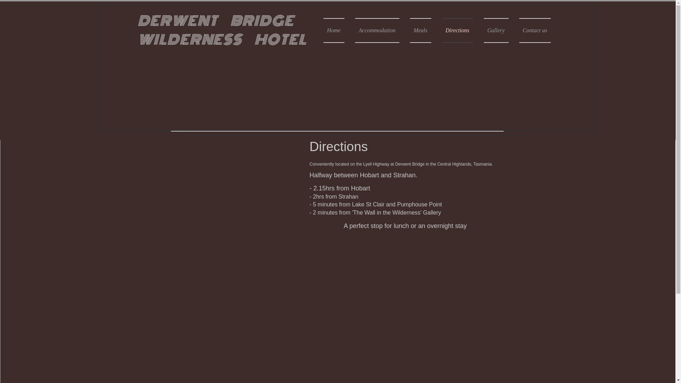 The image size is (681, 383). I want to click on 'Directions', so click(457, 30).